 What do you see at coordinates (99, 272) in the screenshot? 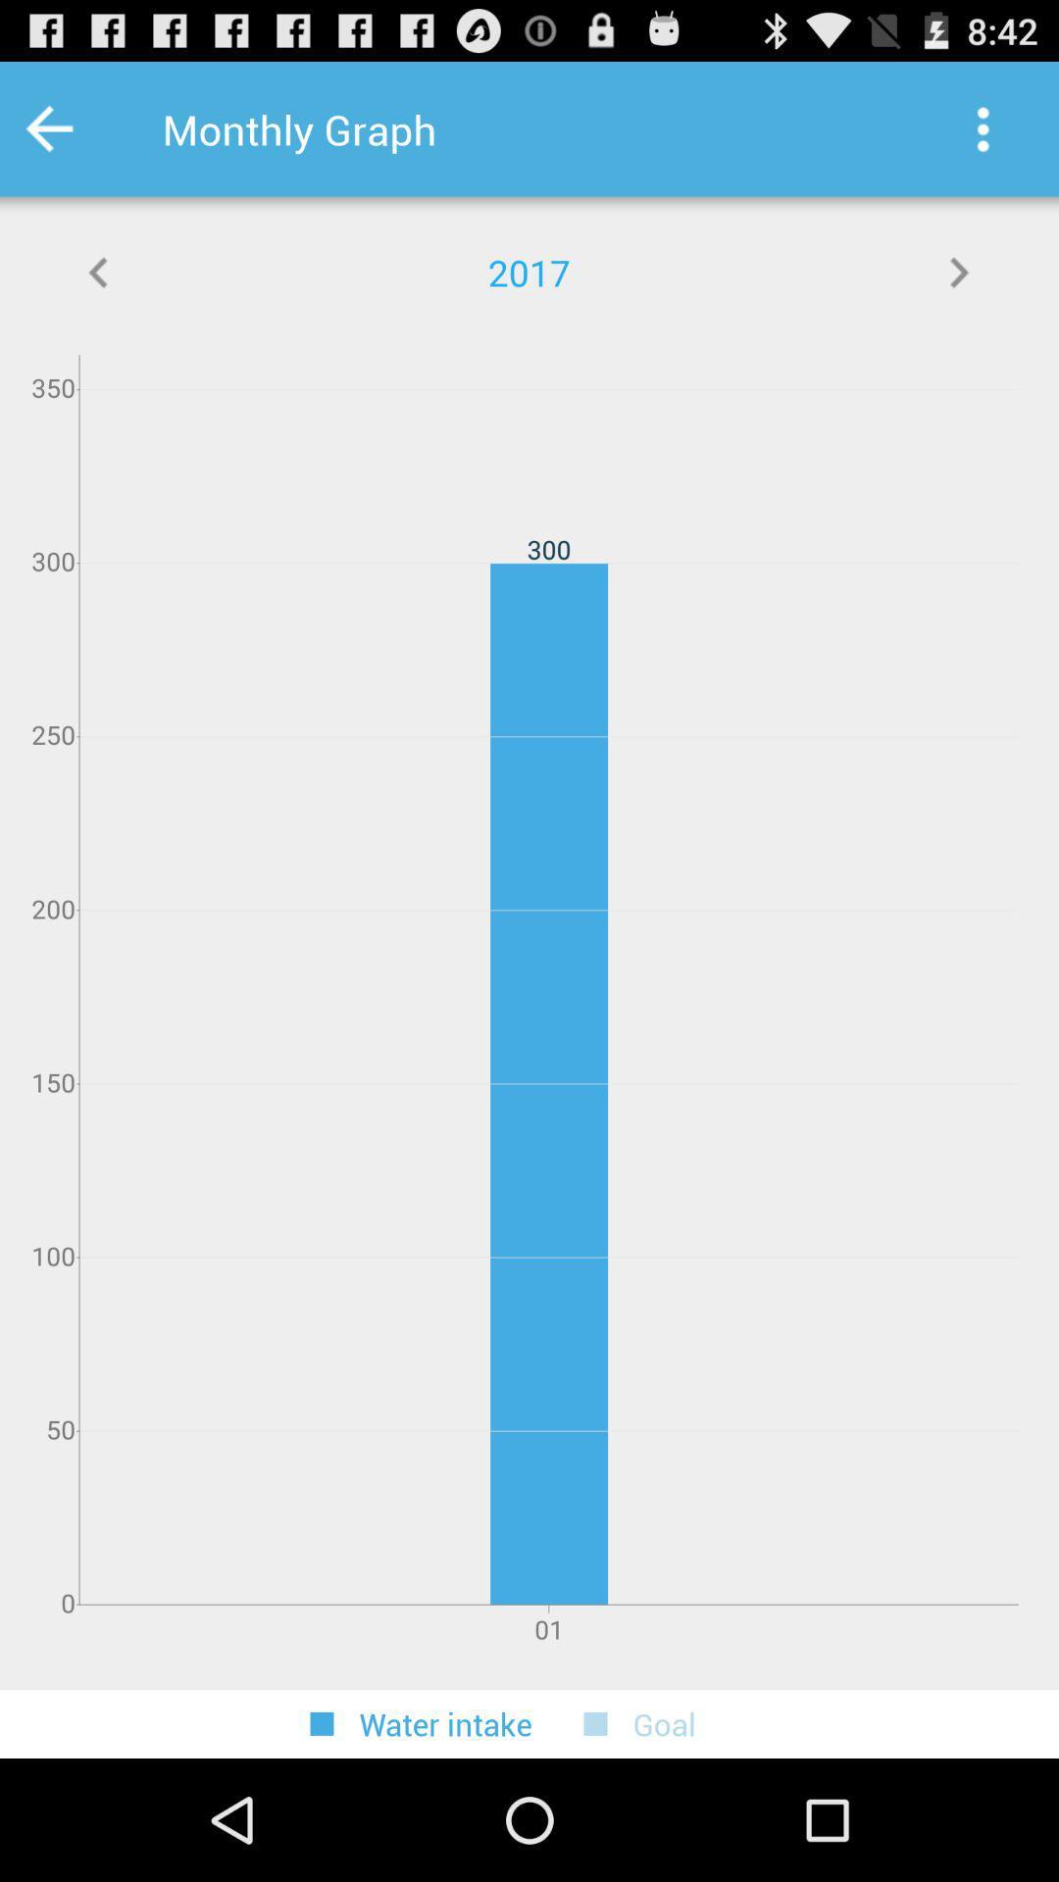
I see `item next to 2017 app` at bounding box center [99, 272].